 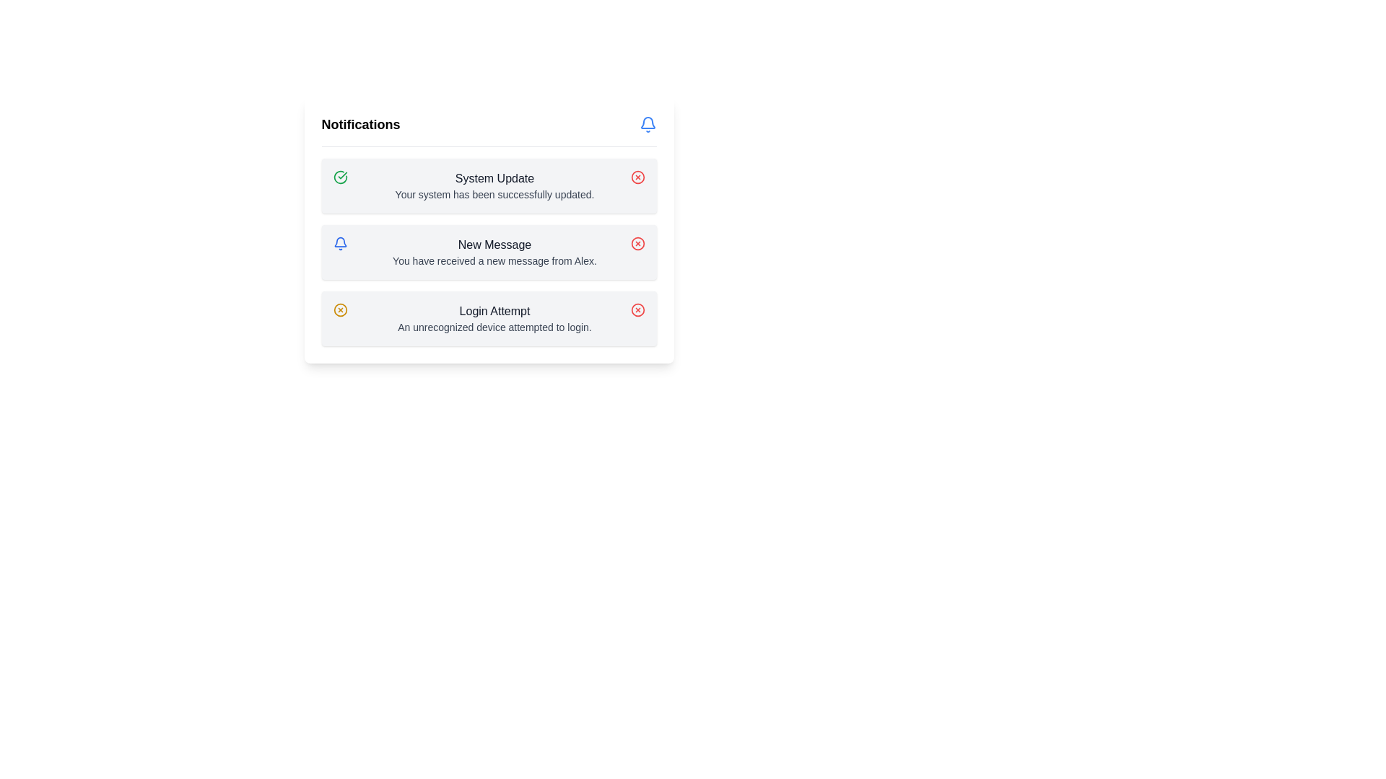 I want to click on details of the Text Block element displaying the notification with the header 'System Update' and the subtext 'Your system has been successfully updated.', so click(x=494, y=185).